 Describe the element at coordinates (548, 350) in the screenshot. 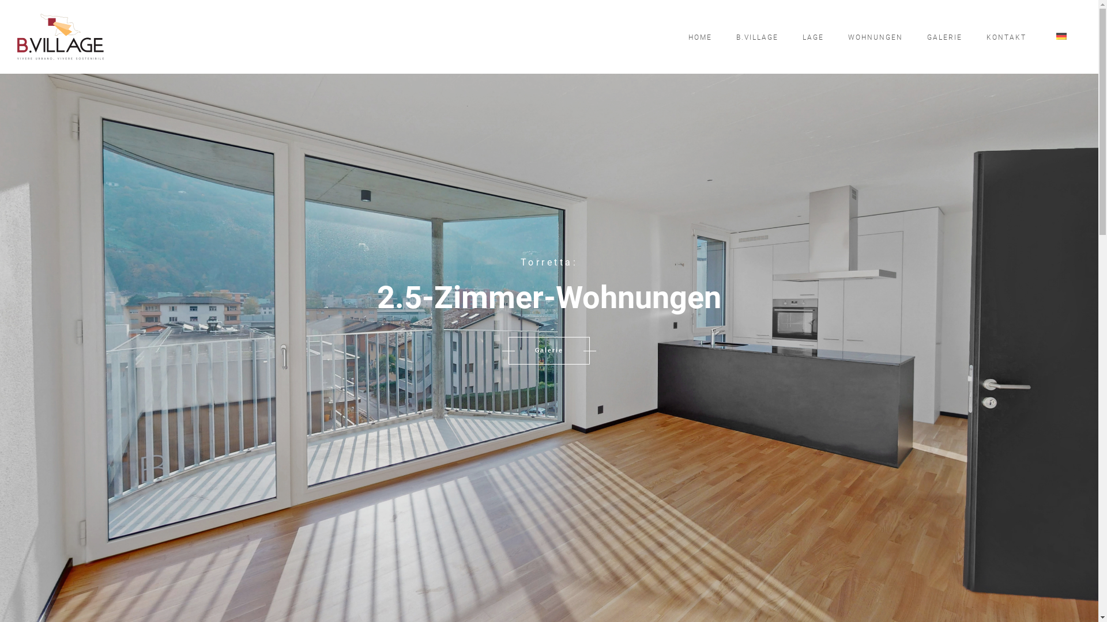

I see `'Galerie'` at that location.